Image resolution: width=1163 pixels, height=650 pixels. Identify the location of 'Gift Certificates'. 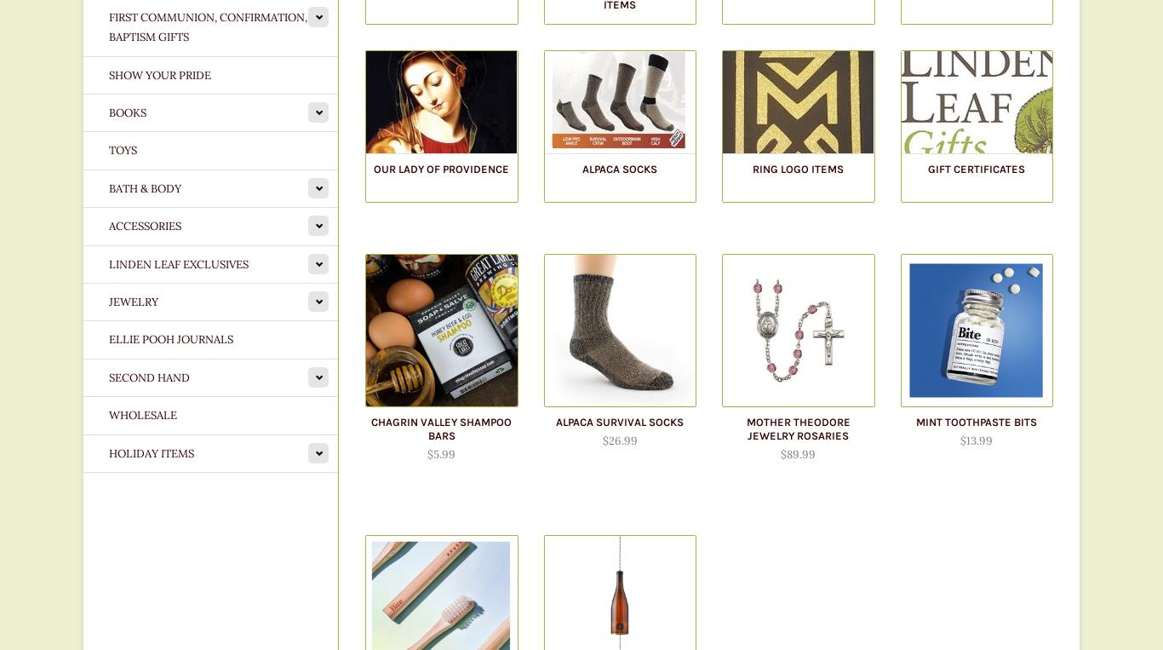
(977, 169).